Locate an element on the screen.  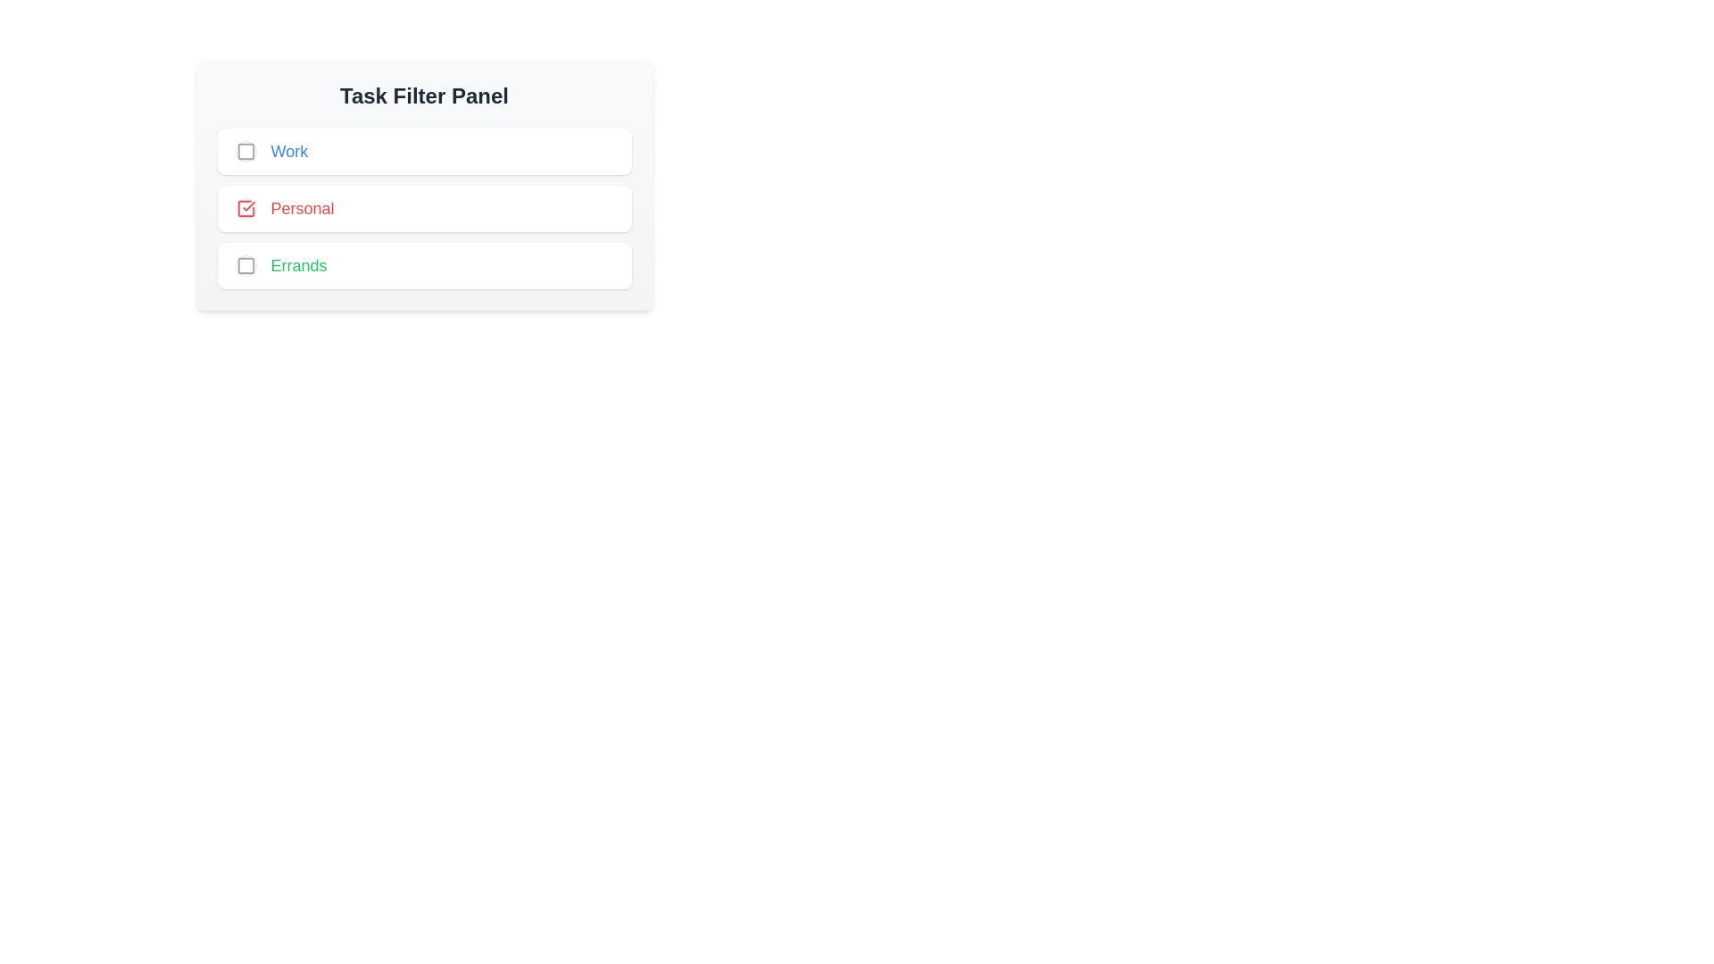
the circular checkbox icon with a red checkmark associated with the 'Personal' entry is located at coordinates (245, 208).